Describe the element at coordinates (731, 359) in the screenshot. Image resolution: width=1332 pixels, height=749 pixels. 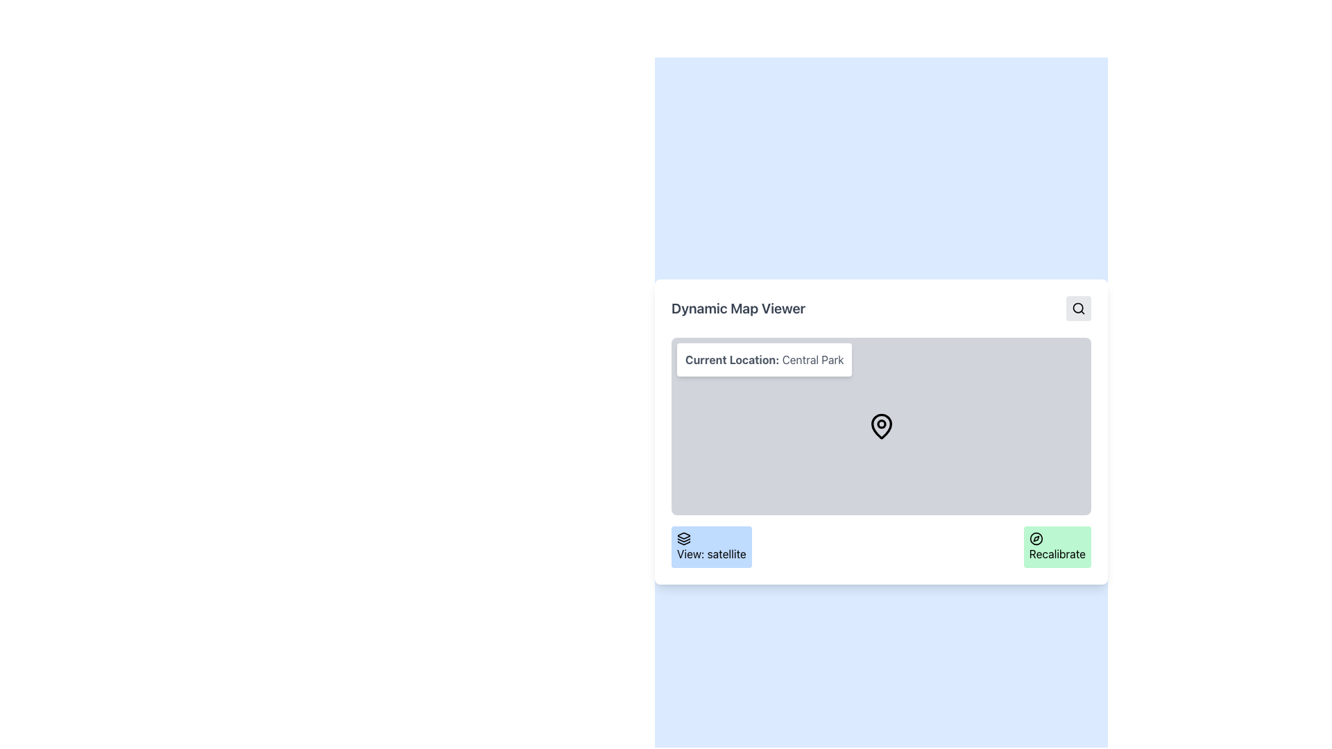
I see `the static text label that denotes the context of the current location information, positioned to the left of 'Central Park' in the top-left of the map viewer interface` at that location.